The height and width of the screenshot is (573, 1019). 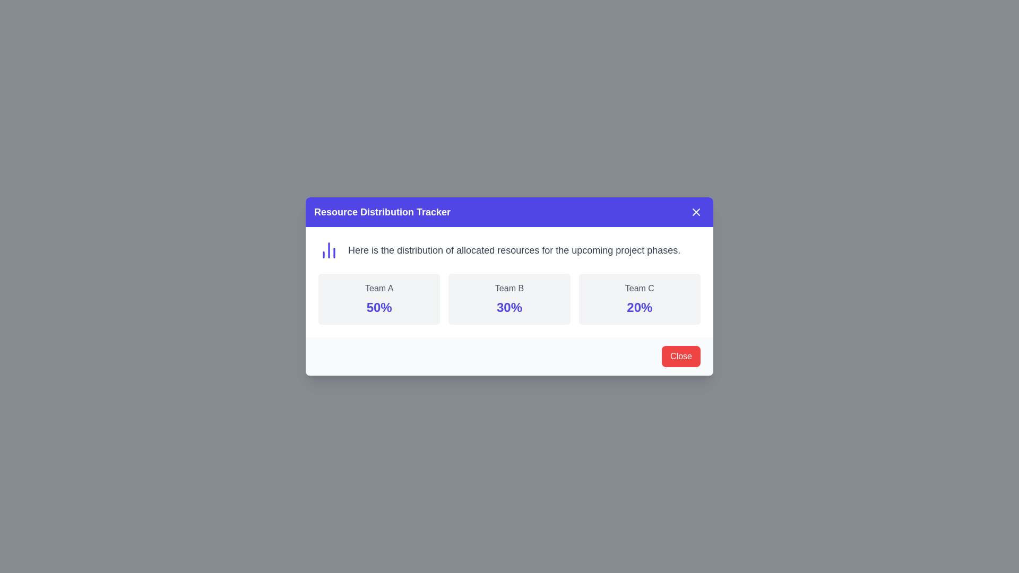 What do you see at coordinates (639, 307) in the screenshot?
I see `displayed text '20%' in large, indigo-colored, bold font style, located below the label 'Team C' on the third card from the left` at bounding box center [639, 307].